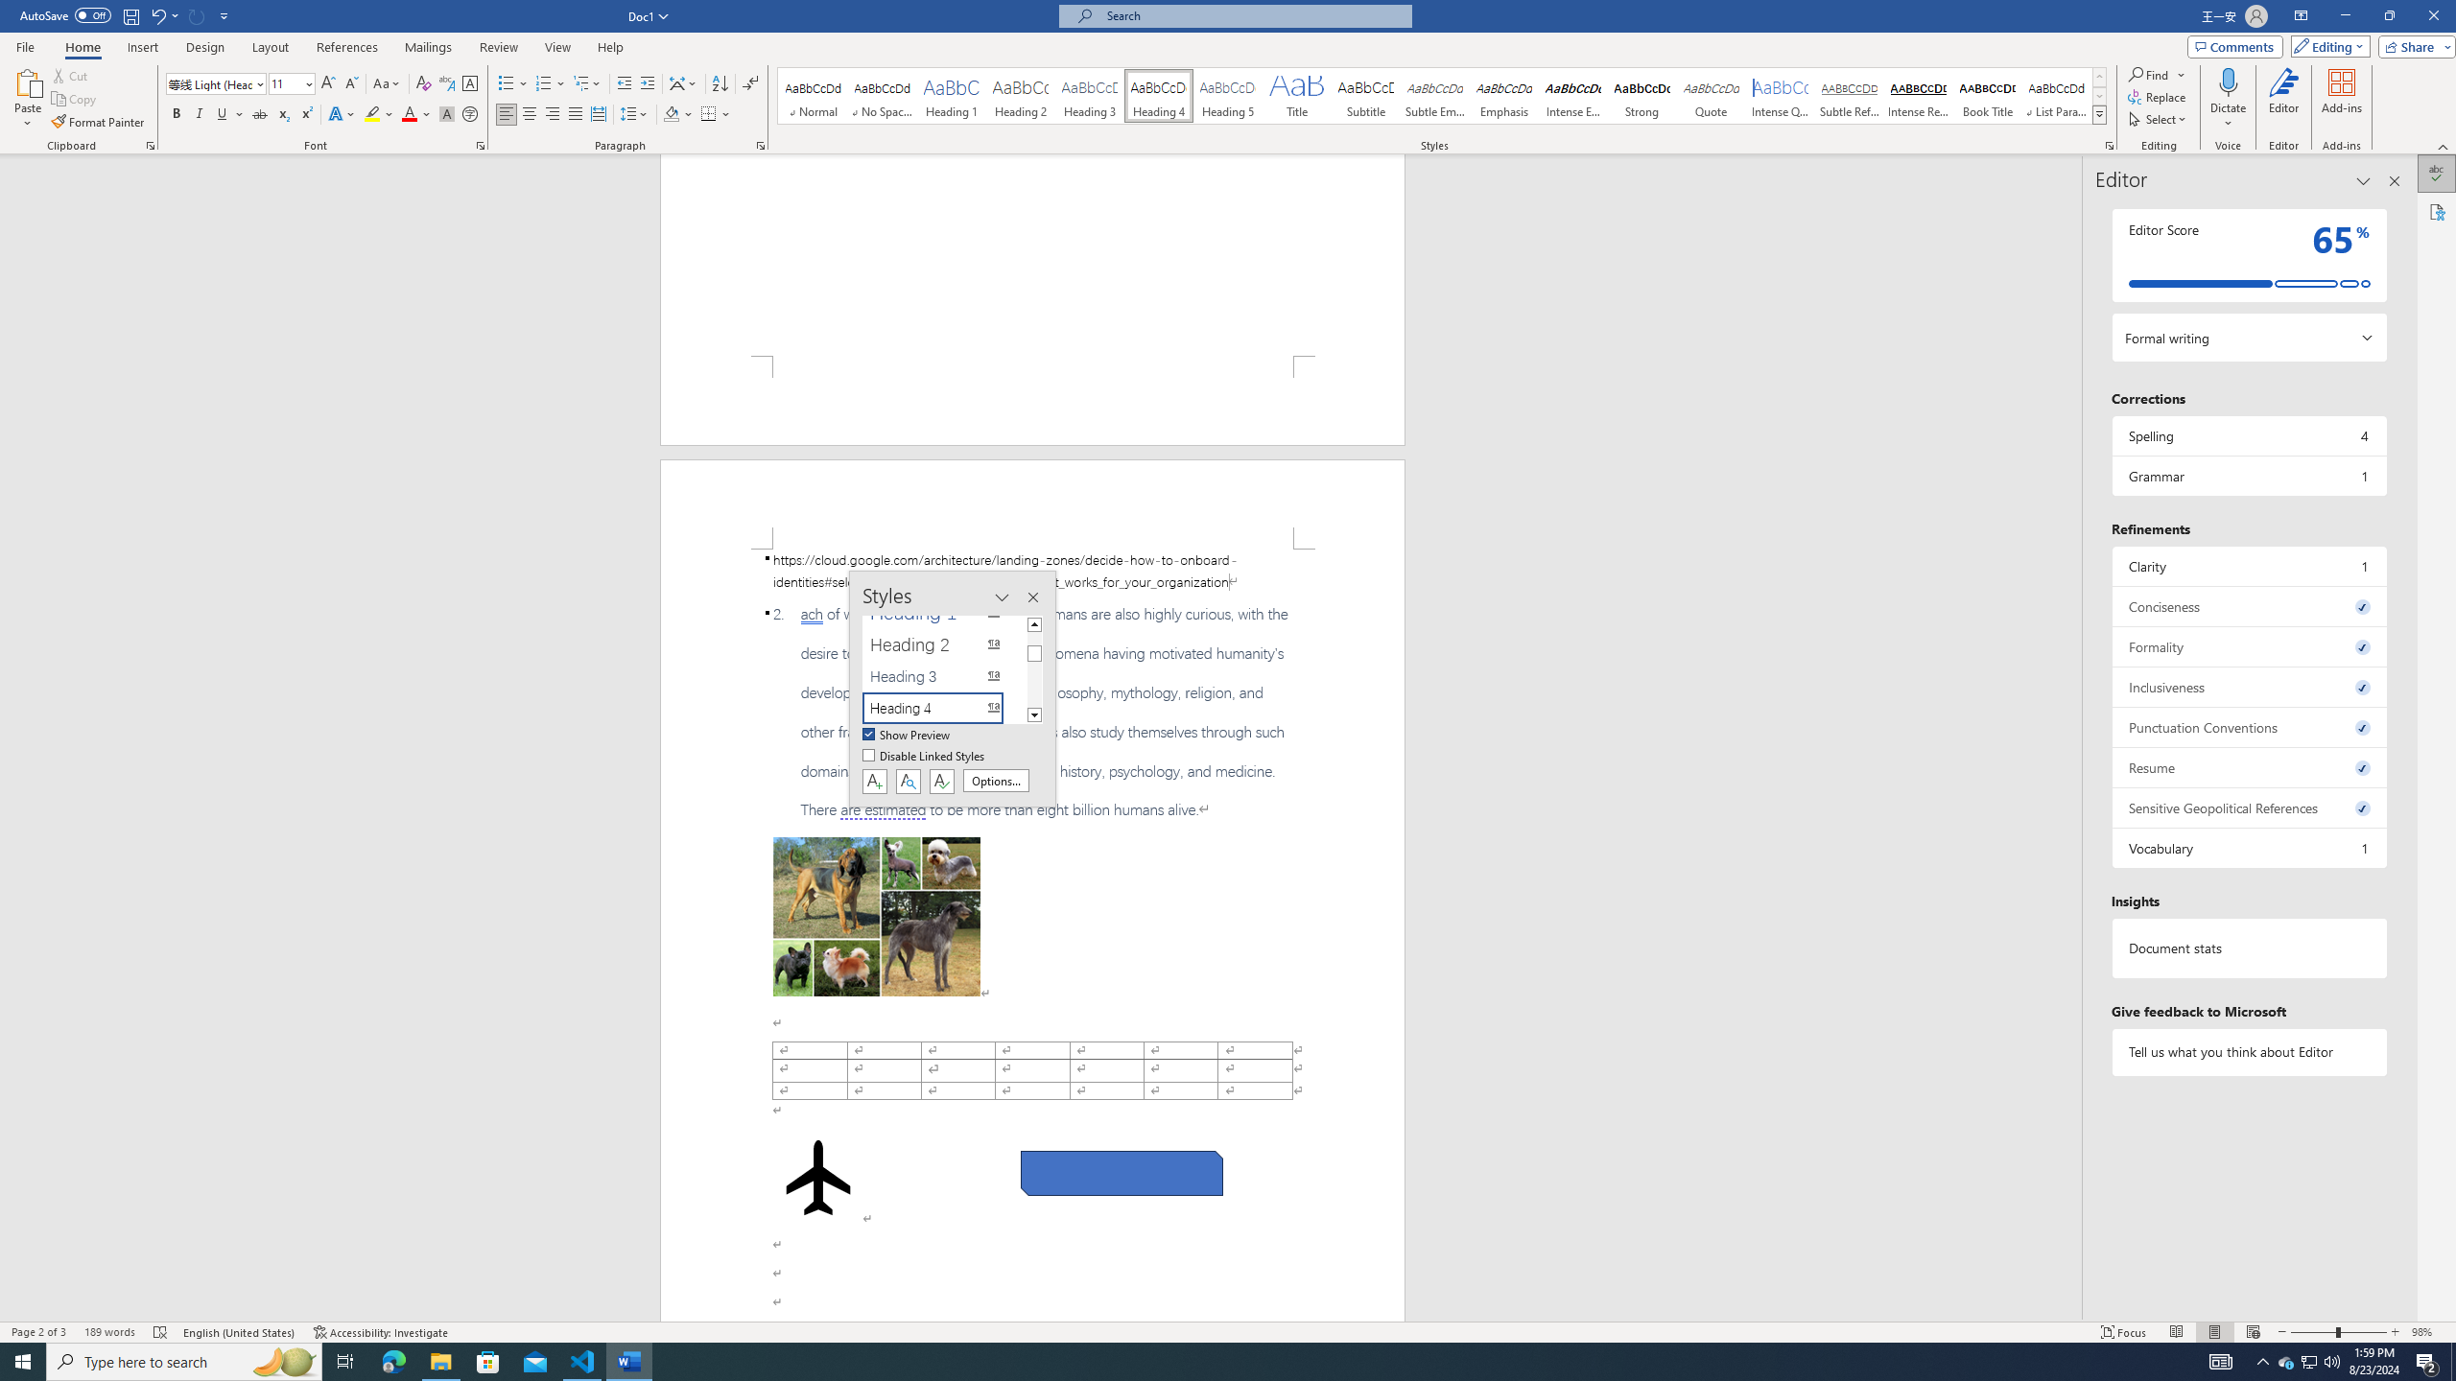 The image size is (2456, 1381). What do you see at coordinates (427, 47) in the screenshot?
I see `'Mailings'` at bounding box center [427, 47].